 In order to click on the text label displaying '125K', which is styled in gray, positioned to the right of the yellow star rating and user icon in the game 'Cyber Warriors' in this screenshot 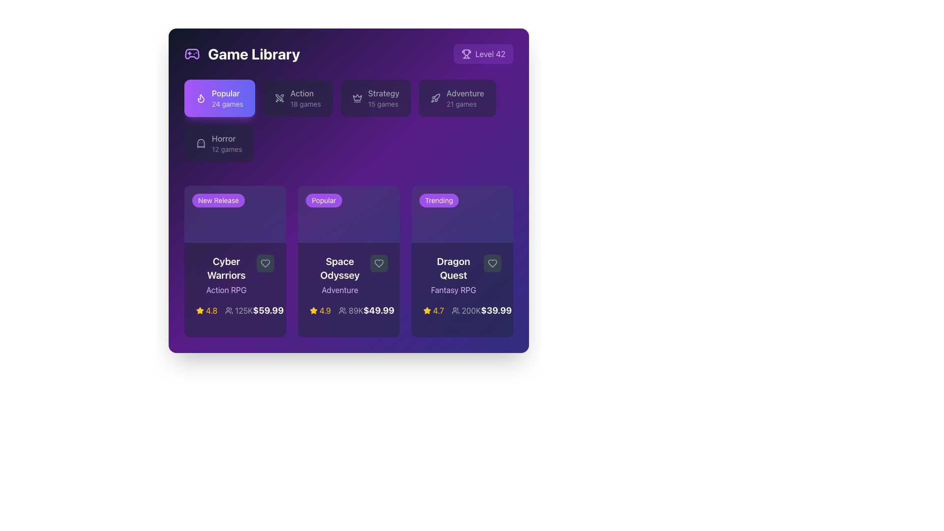, I will do `click(224, 311)`.